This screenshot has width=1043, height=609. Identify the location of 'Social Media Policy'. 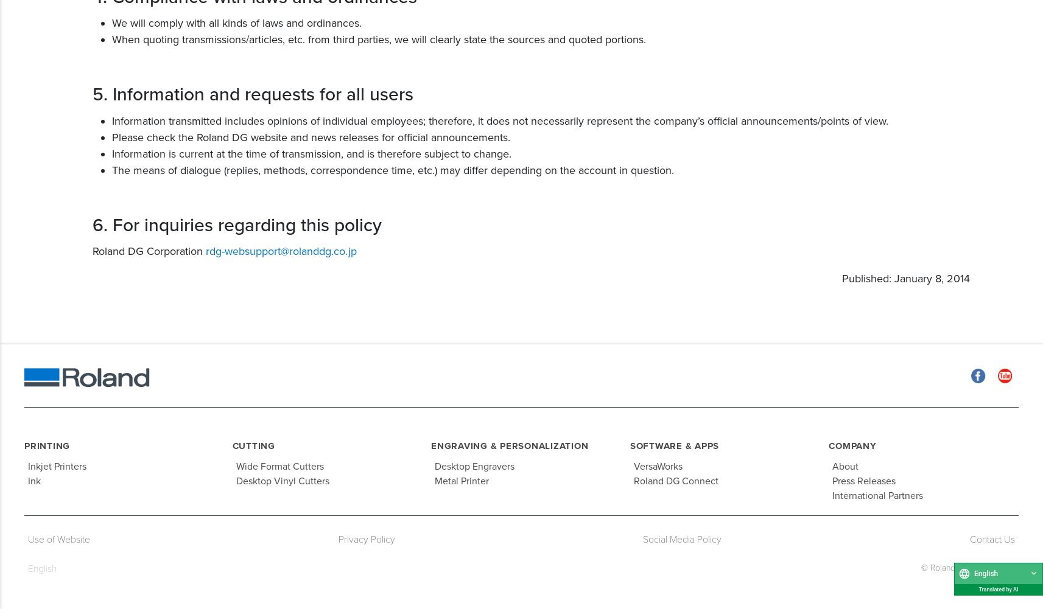
(681, 538).